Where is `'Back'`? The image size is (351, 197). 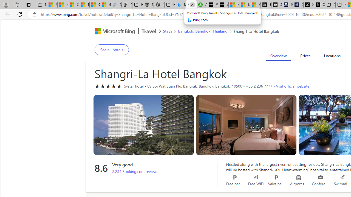 'Back' is located at coordinates (7, 14).